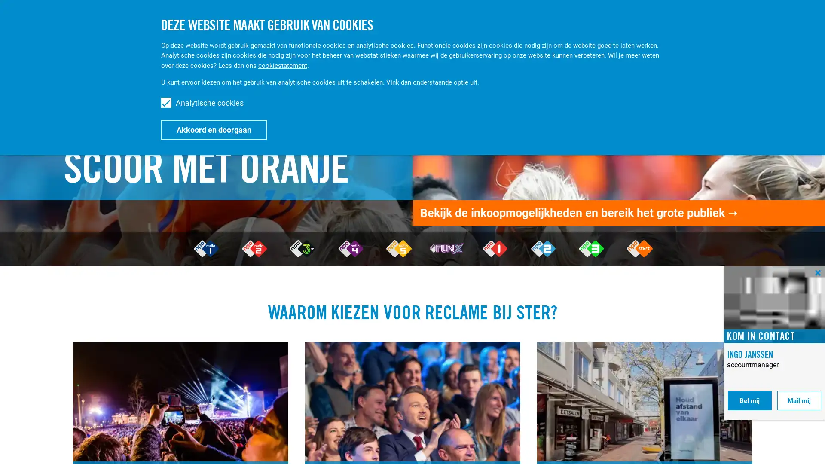 This screenshot has height=464, width=825. I want to click on Mail mij, so click(799, 400).